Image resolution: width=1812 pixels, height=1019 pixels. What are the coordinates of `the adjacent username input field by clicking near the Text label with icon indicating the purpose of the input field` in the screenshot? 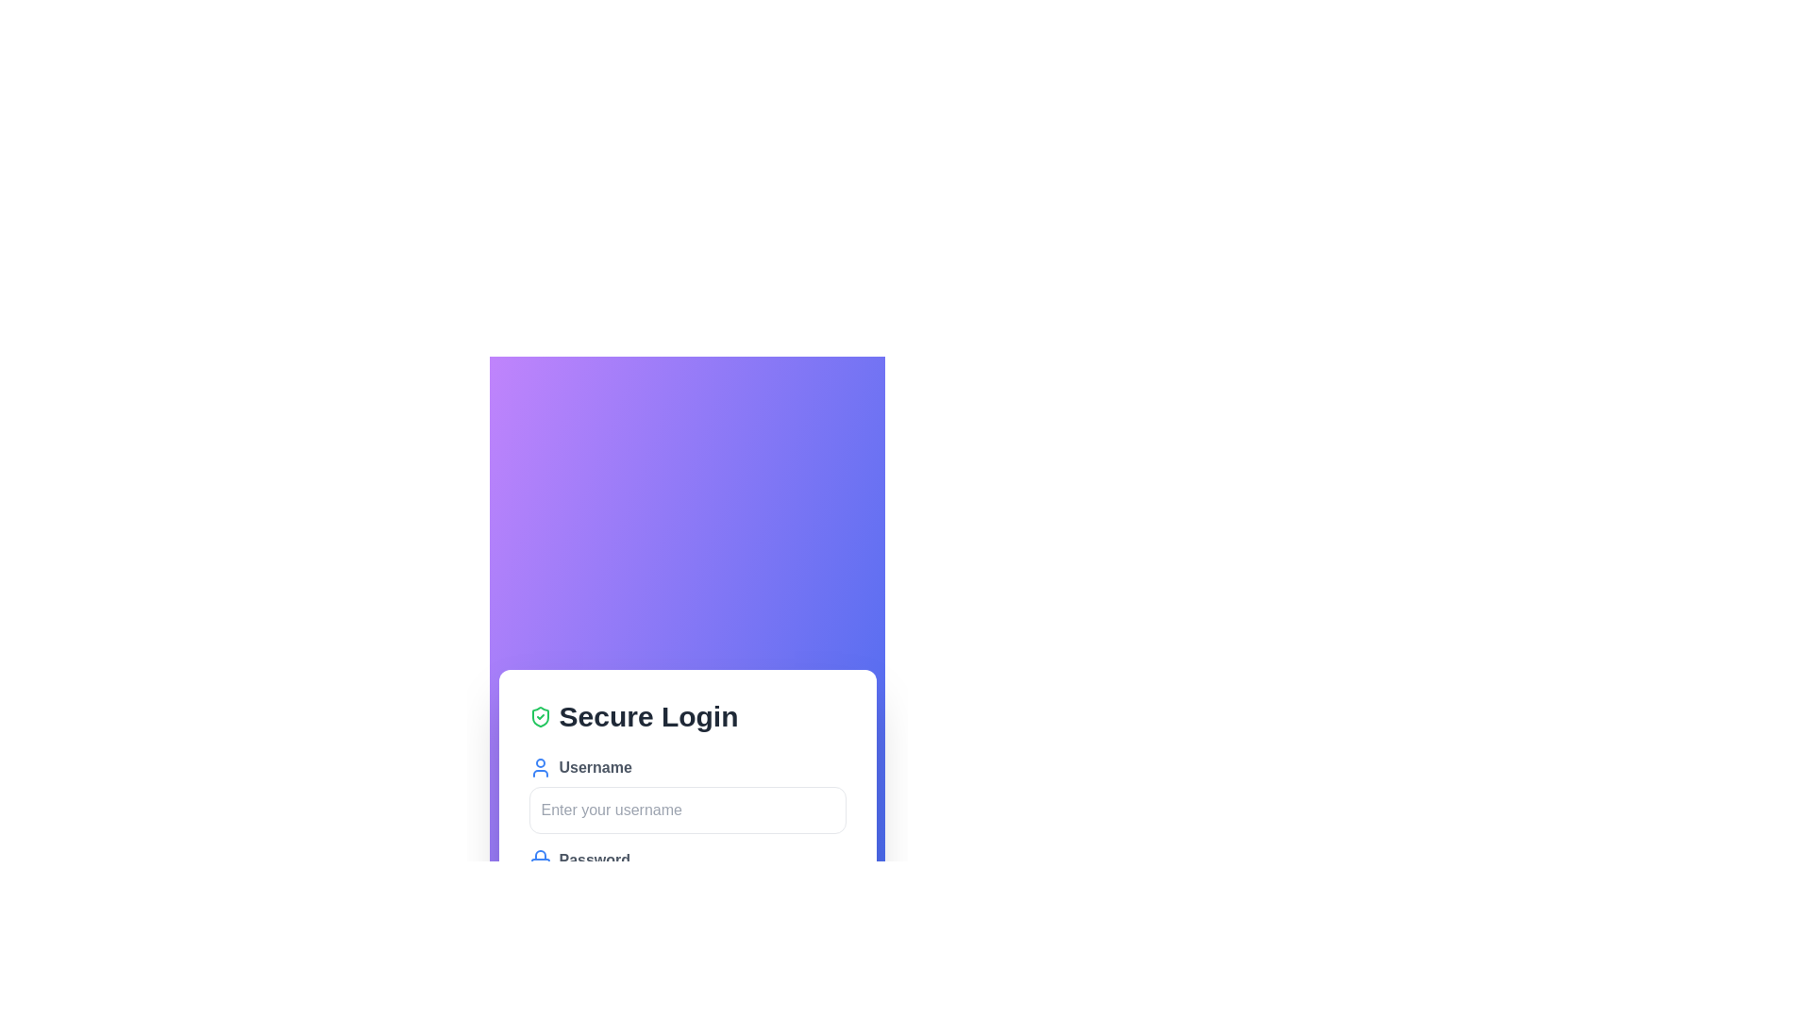 It's located at (686, 767).